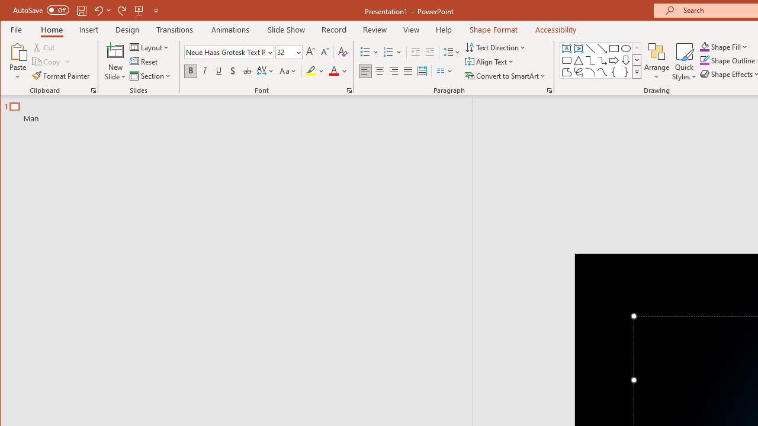 This screenshot has width=758, height=426. What do you see at coordinates (144, 62) in the screenshot?
I see `'Reset'` at bounding box center [144, 62].